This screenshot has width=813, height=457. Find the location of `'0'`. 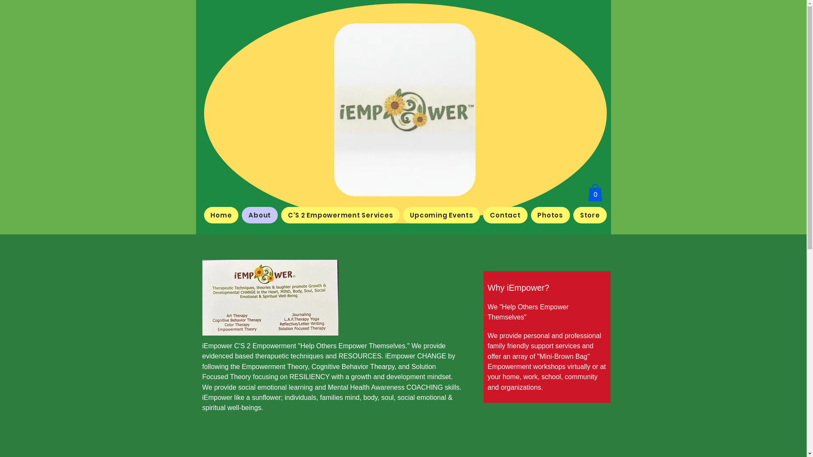

'0' is located at coordinates (595, 193).